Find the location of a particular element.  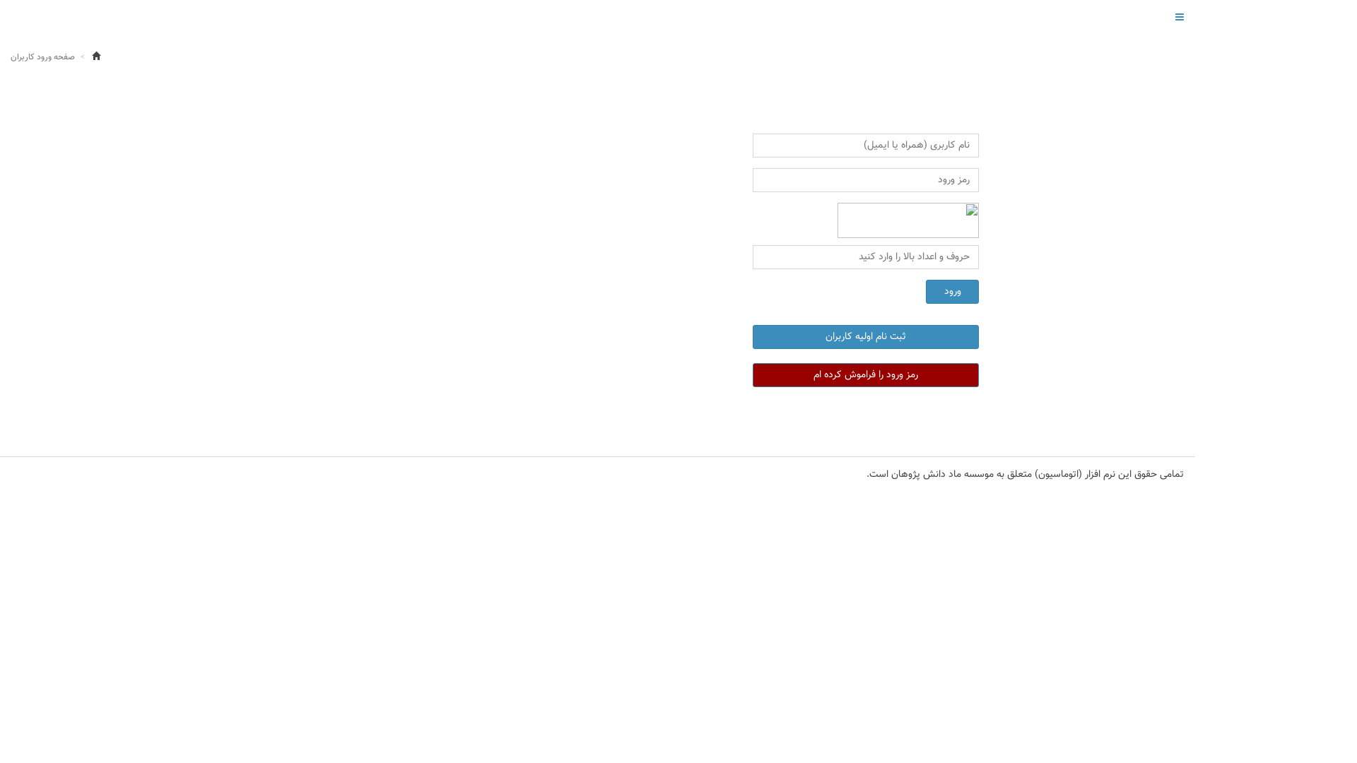

'Toggle navigation' is located at coordinates (1164, 17).